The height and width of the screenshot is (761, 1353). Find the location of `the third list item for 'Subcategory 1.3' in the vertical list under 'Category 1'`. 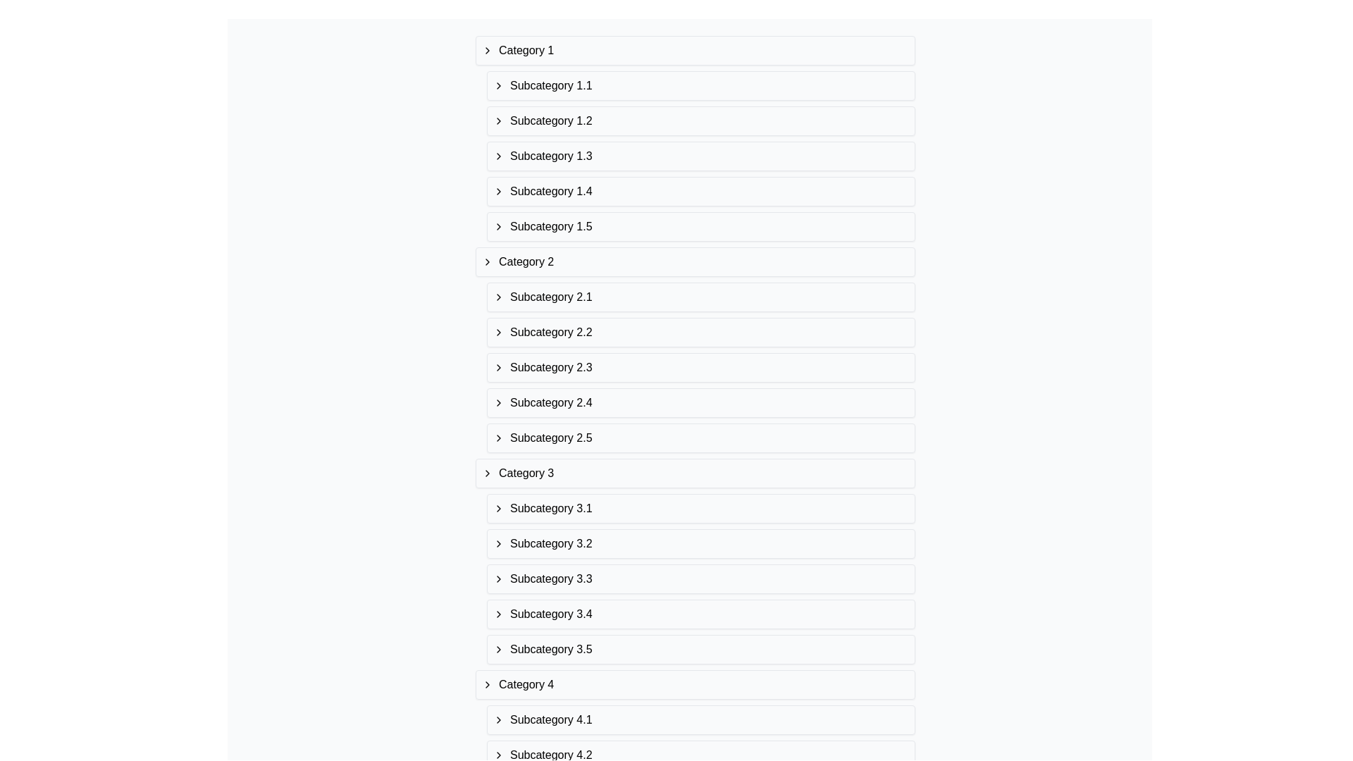

the third list item for 'Subcategory 1.3' in the vertical list under 'Category 1' is located at coordinates (696, 156).